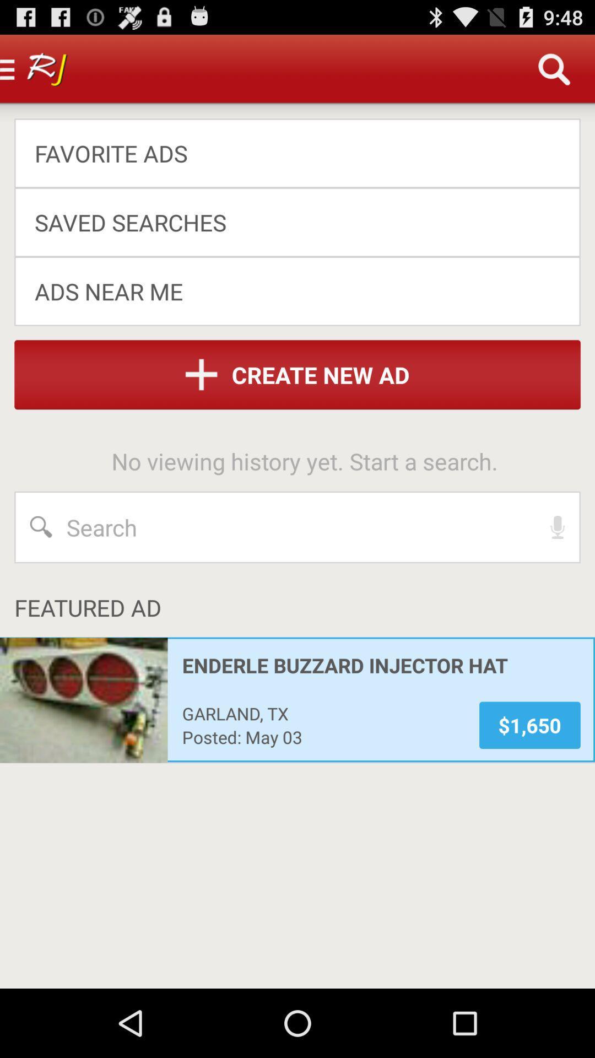 Image resolution: width=595 pixels, height=1058 pixels. I want to click on the item on the right, so click(558, 526).